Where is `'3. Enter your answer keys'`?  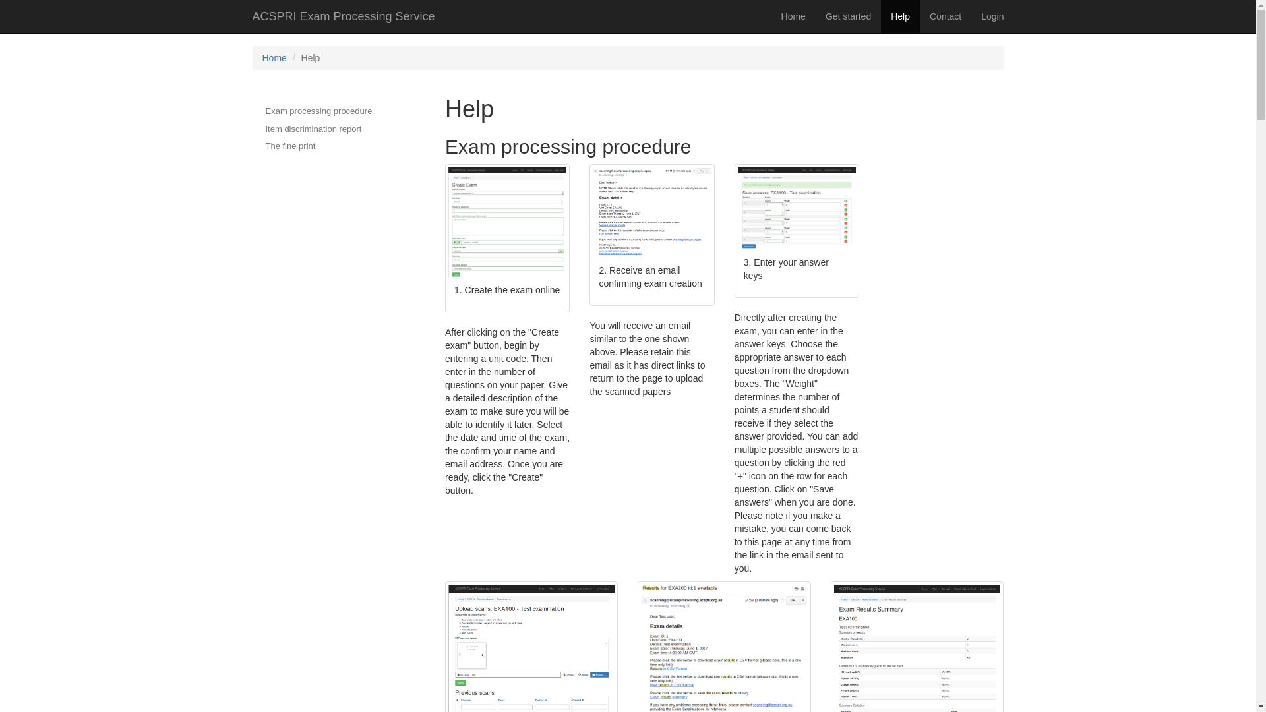
'3. Enter your answer keys' is located at coordinates (737, 231).